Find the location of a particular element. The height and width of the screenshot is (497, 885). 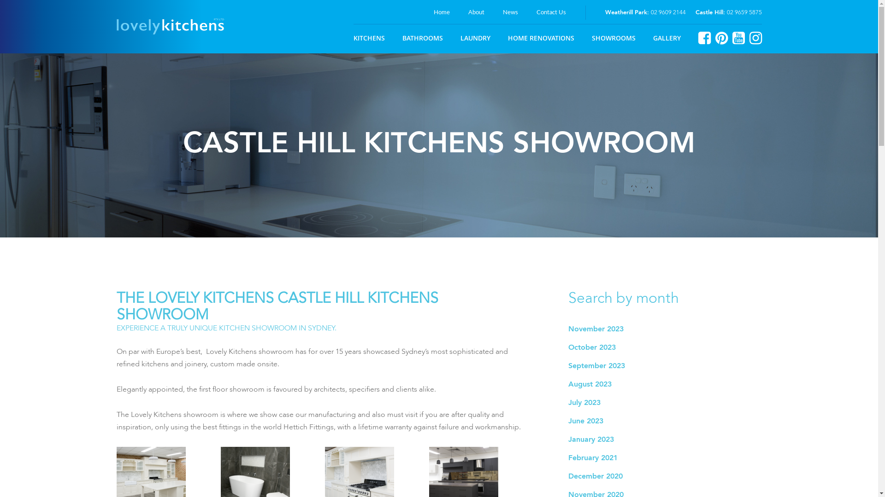

'February 2021' is located at coordinates (592, 458).